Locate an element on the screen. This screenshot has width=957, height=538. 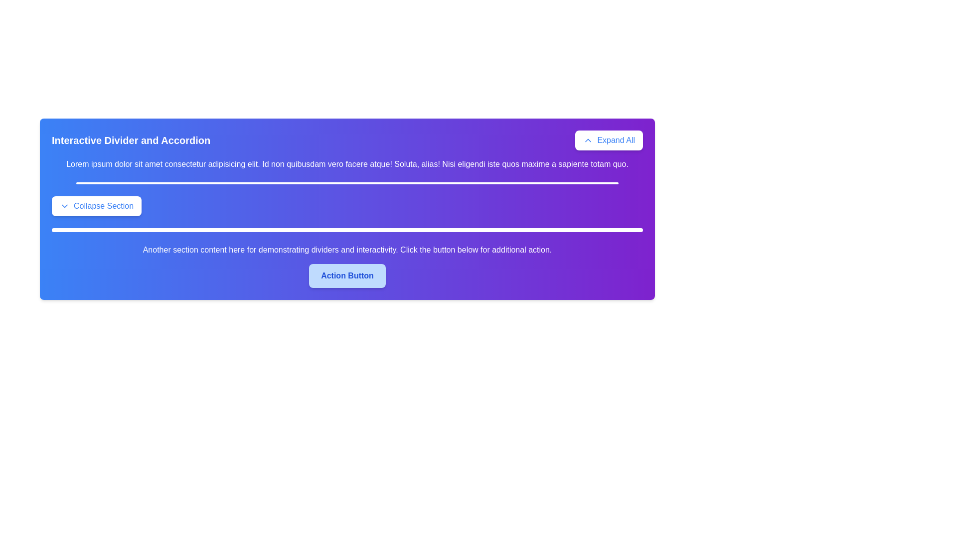
the chevron icon that indicates the collapsibility of the associated section to interact with the button's functionality is located at coordinates (64, 205).